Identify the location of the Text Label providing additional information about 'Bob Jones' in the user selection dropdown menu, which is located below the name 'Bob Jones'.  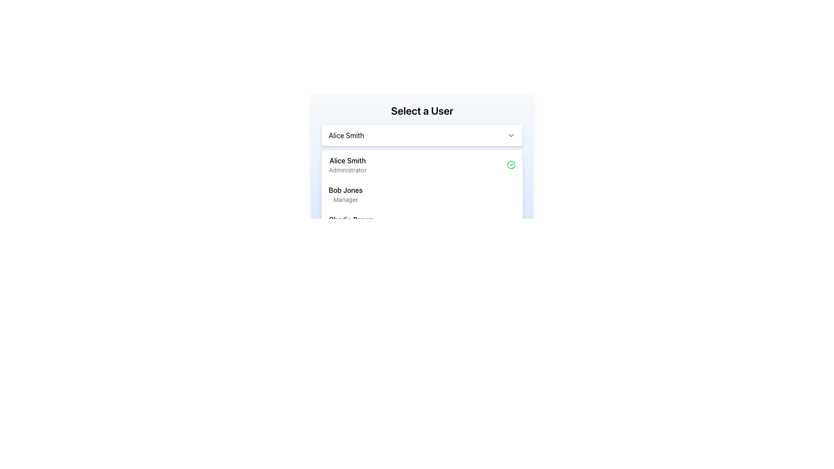
(345, 199).